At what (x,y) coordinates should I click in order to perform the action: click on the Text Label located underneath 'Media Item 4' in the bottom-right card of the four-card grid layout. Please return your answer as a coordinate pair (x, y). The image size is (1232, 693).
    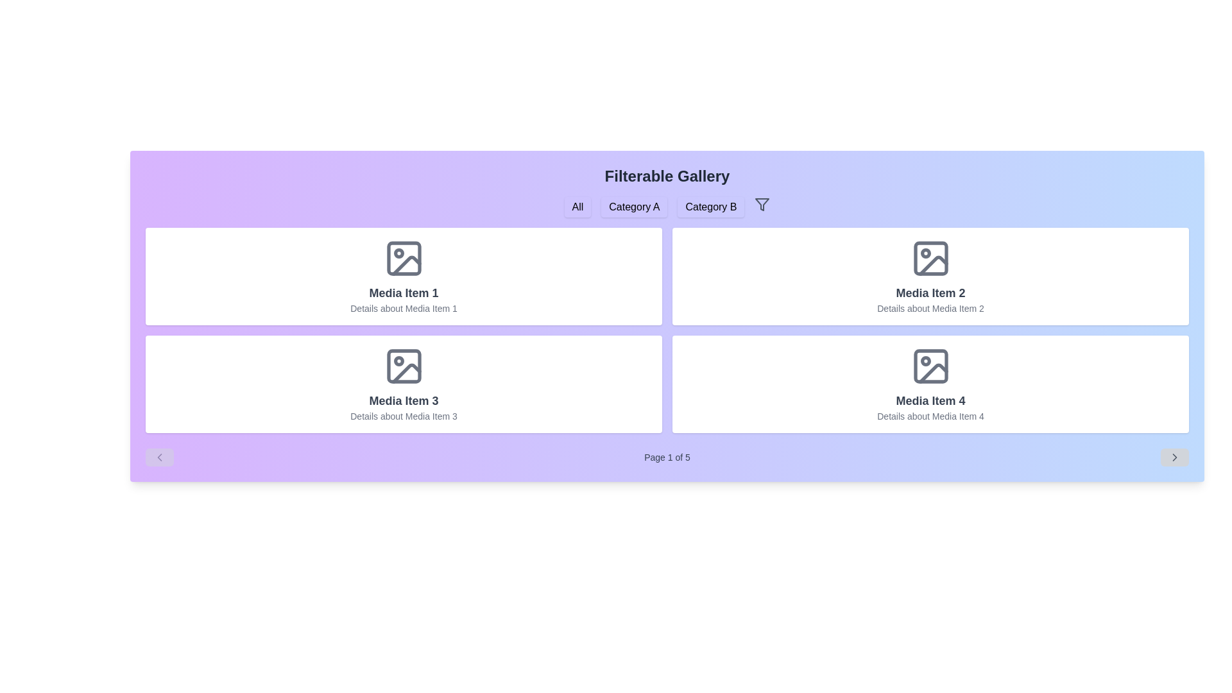
    Looking at the image, I should click on (930, 416).